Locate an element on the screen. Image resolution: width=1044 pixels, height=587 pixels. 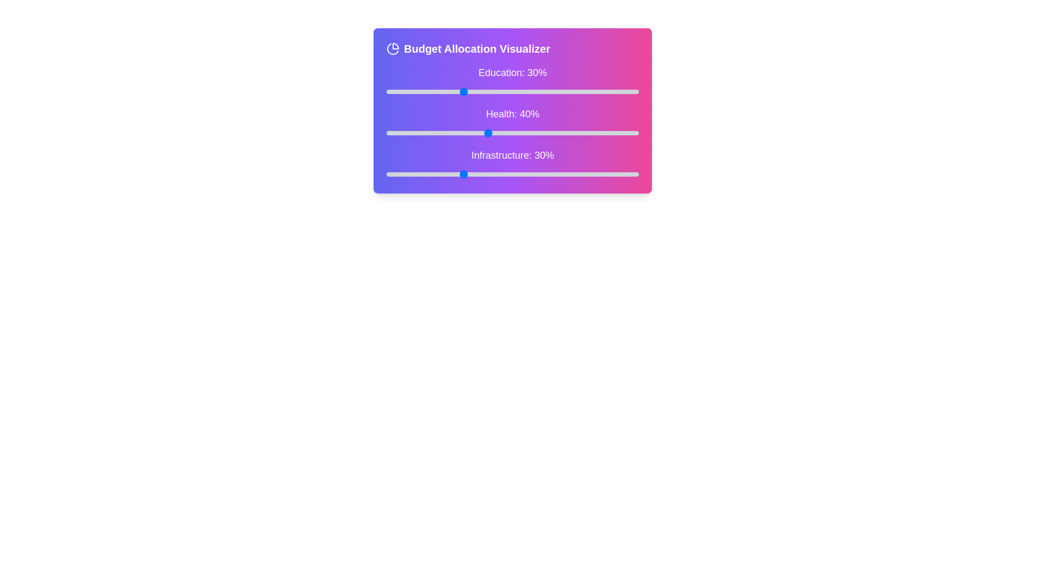
the Education budget is located at coordinates (575, 91).